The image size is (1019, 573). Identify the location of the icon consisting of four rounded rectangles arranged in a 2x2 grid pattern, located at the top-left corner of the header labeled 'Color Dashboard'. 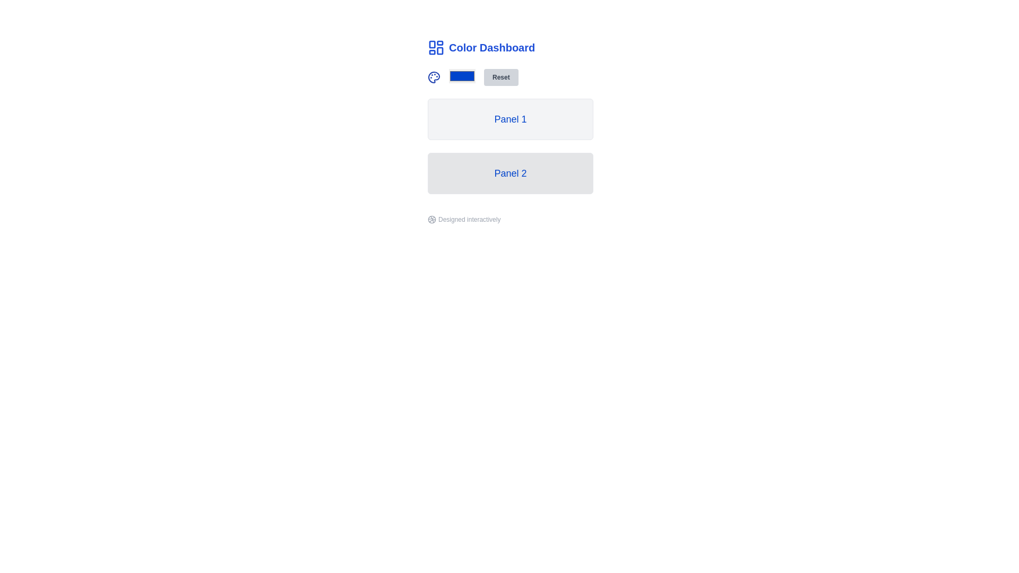
(436, 47).